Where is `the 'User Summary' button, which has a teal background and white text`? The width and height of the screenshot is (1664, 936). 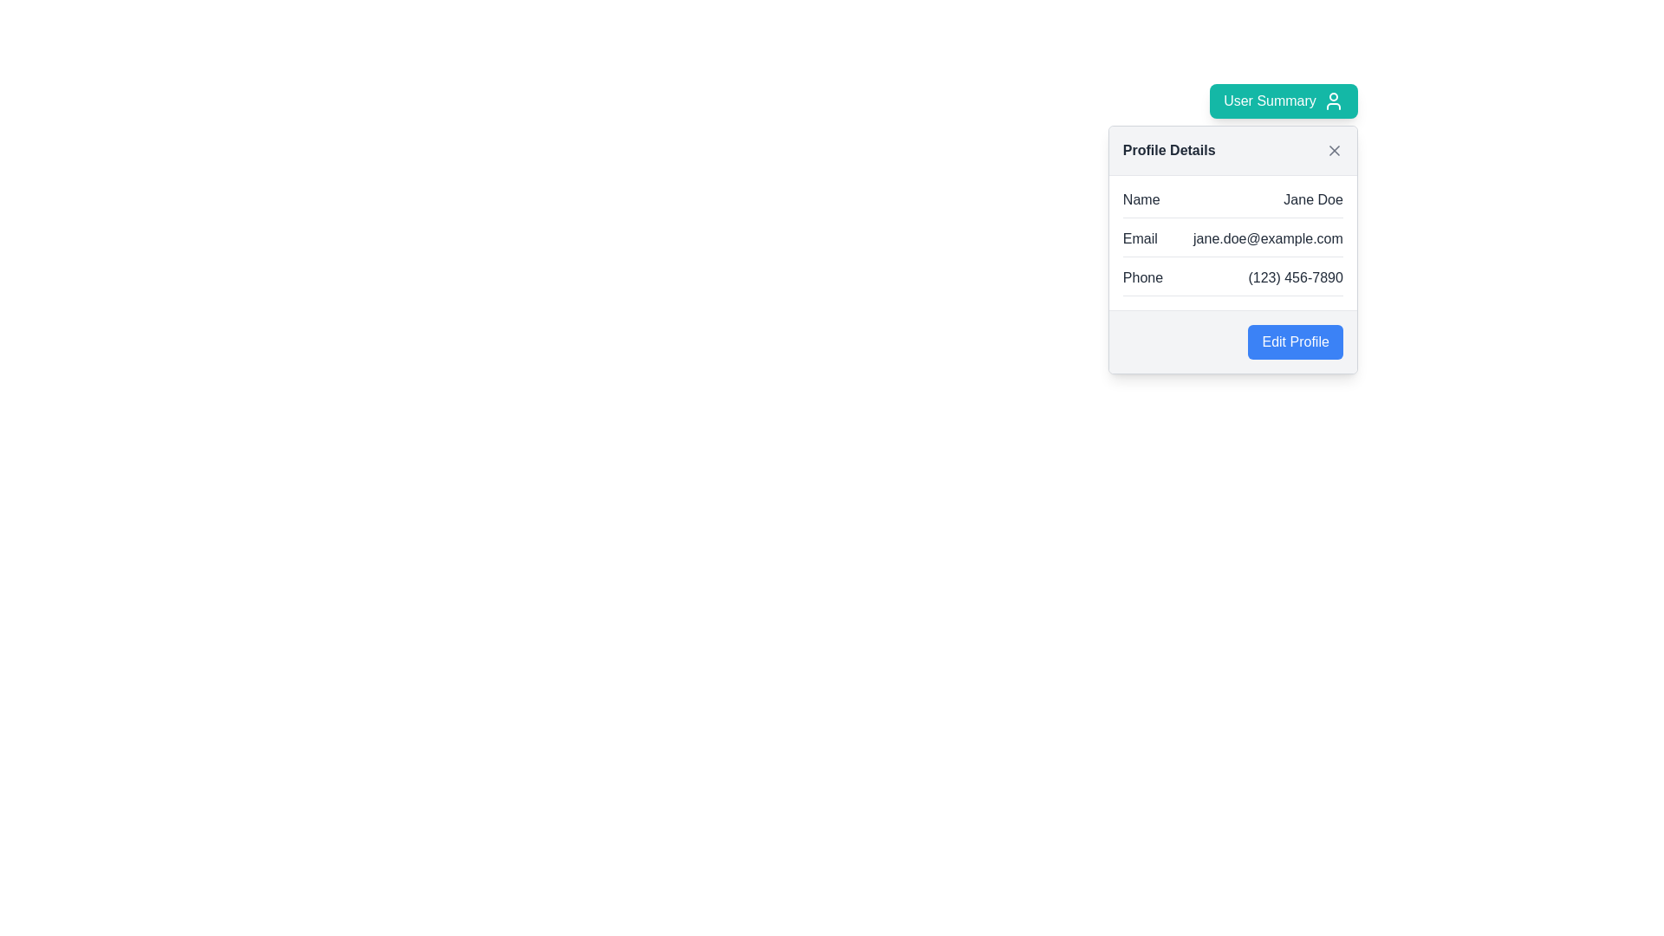 the 'User Summary' button, which has a teal background and white text is located at coordinates (1284, 101).